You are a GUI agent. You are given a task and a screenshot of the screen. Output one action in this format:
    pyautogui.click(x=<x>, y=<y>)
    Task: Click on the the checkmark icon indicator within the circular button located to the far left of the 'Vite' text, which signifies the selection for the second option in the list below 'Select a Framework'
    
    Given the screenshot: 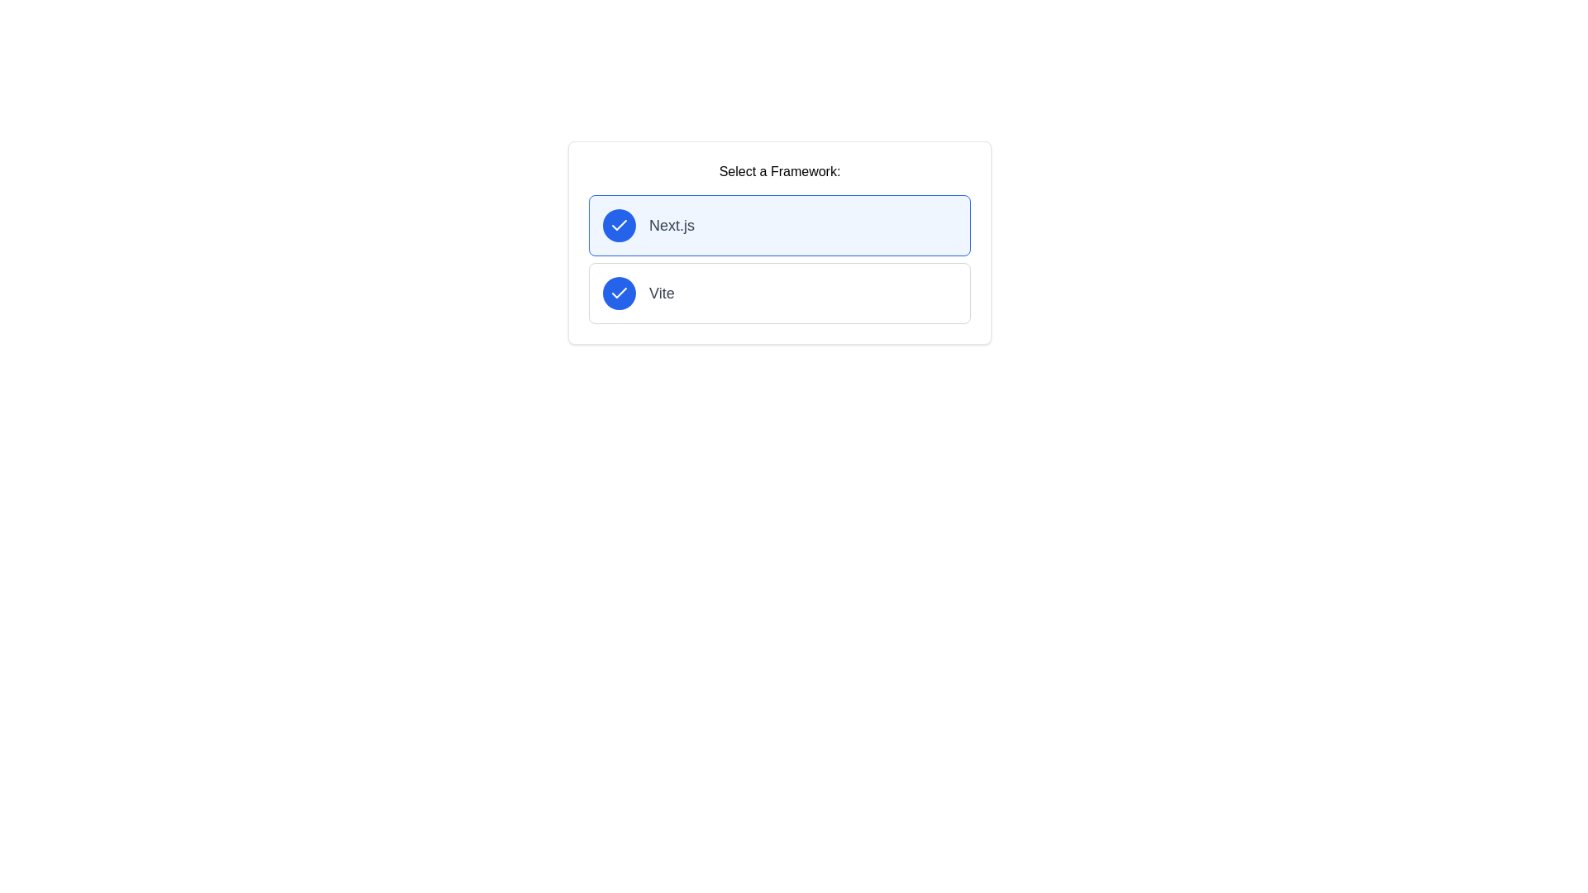 What is the action you would take?
    pyautogui.click(x=618, y=292)
    